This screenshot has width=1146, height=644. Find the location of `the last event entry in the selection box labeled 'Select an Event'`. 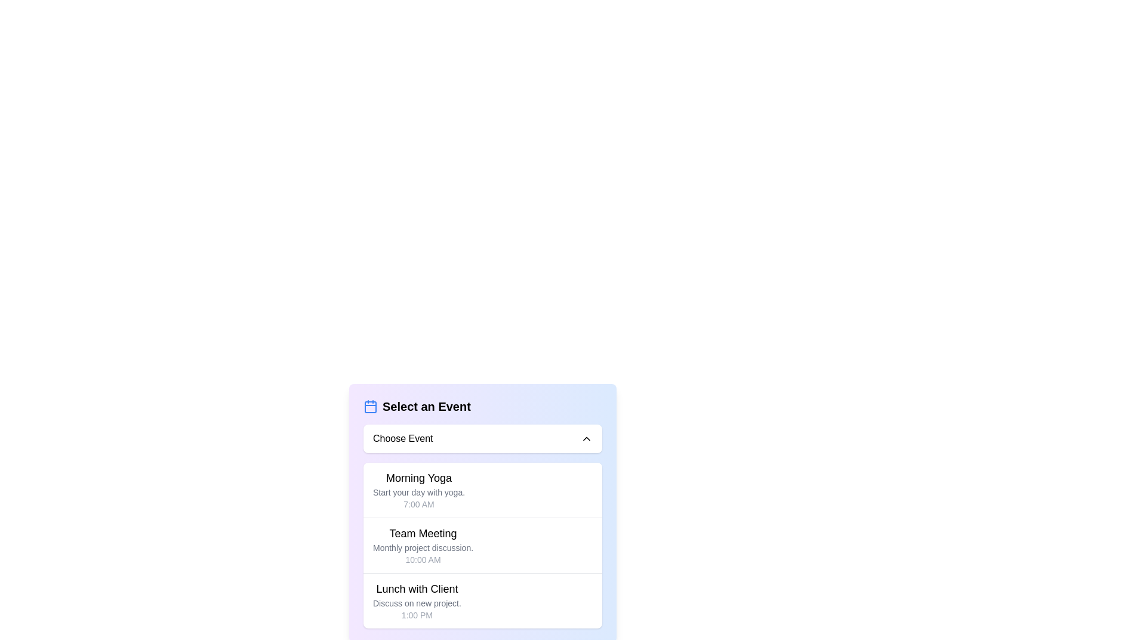

the last event entry in the selection box labeled 'Select an Event' is located at coordinates (417, 600).